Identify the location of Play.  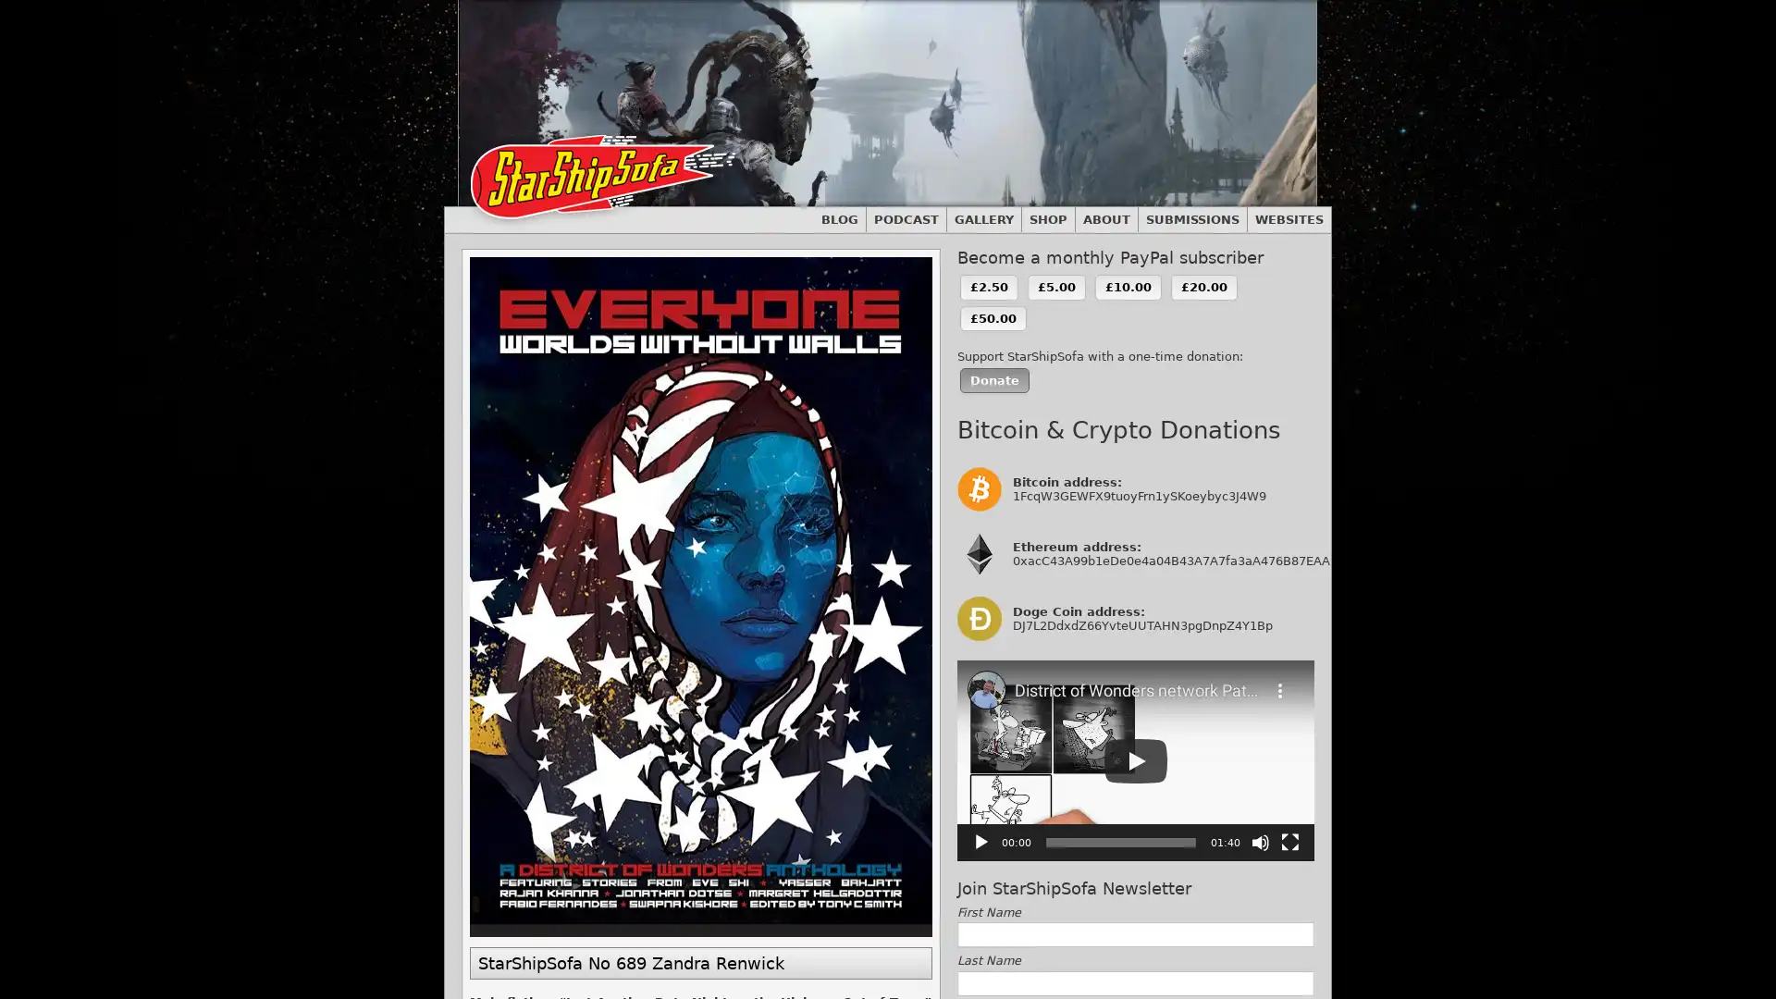
(980, 842).